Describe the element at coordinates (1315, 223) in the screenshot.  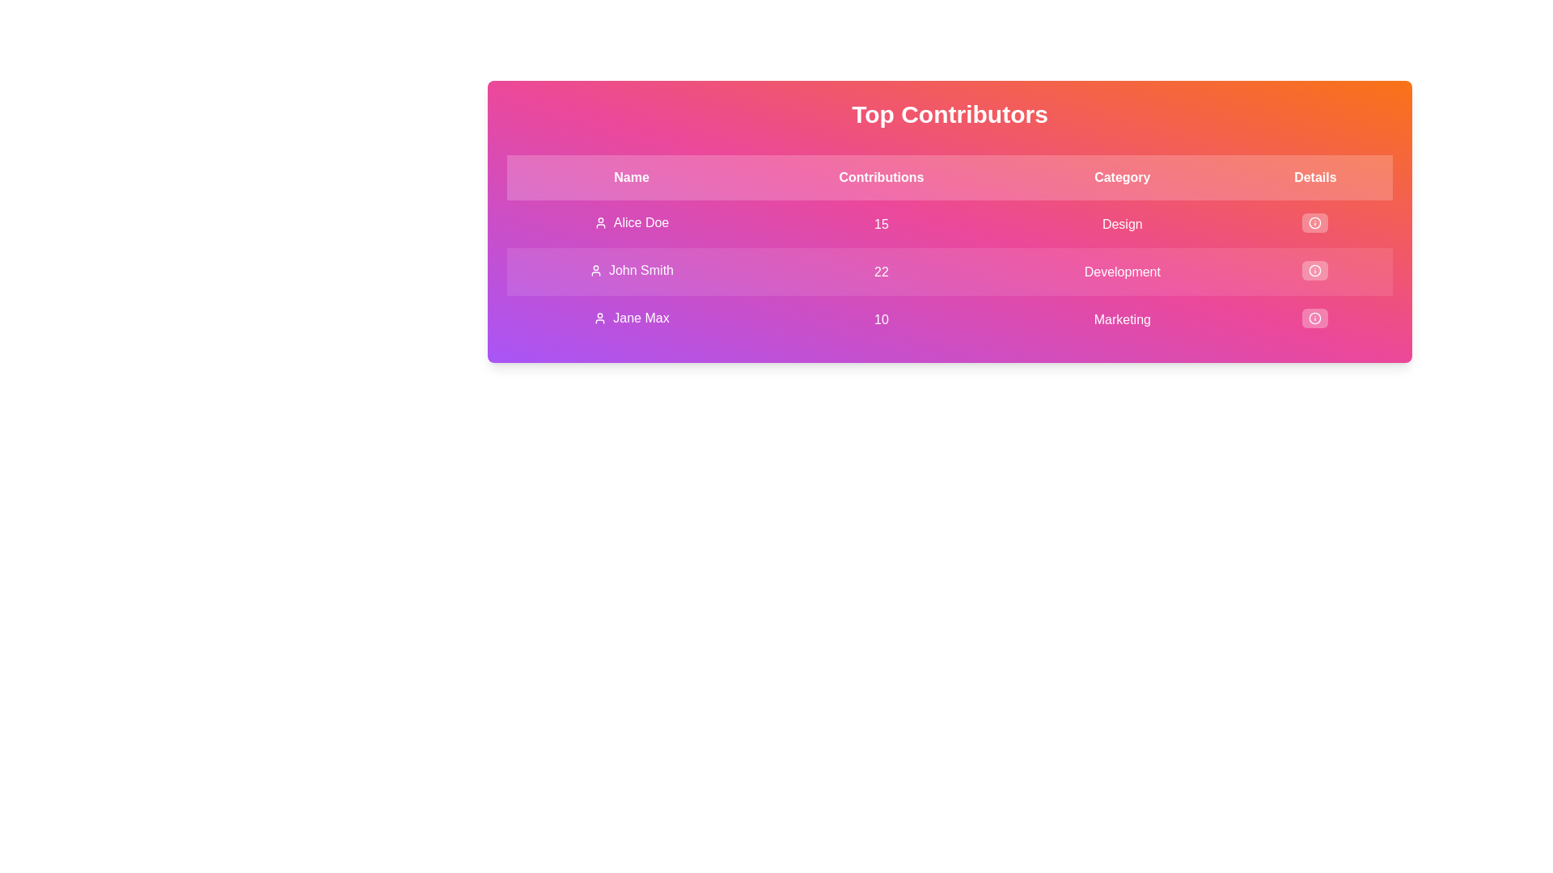
I see `the circular button with a centered dot located in the 'Details' column of the table under 'Top Contributors'` at that location.